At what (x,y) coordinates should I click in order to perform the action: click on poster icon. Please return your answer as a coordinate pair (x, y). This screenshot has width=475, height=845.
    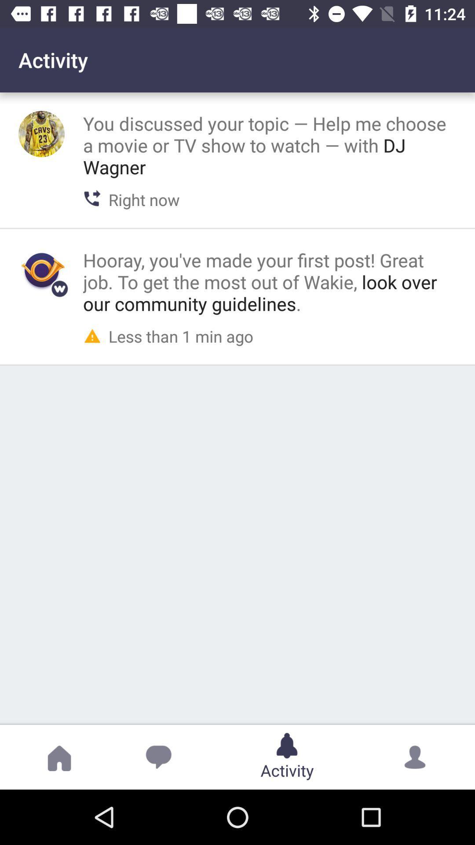
    Looking at the image, I should click on (41, 270).